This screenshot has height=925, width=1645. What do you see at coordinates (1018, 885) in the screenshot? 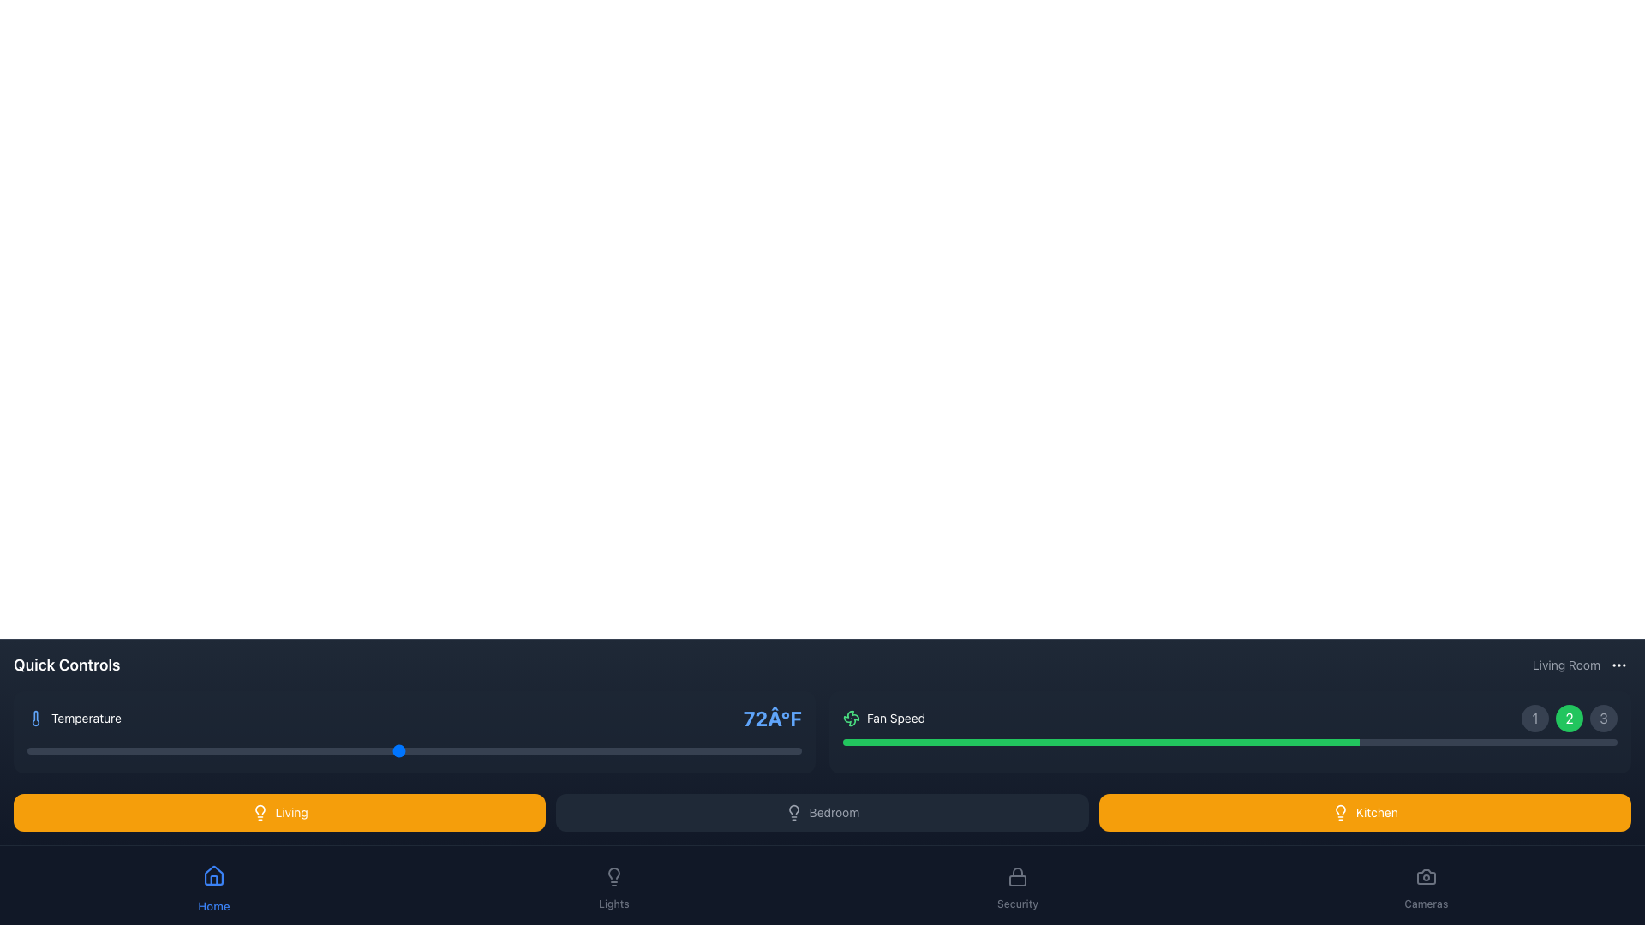
I see `the 'Security' button, which features a lock symbol above the text` at bounding box center [1018, 885].